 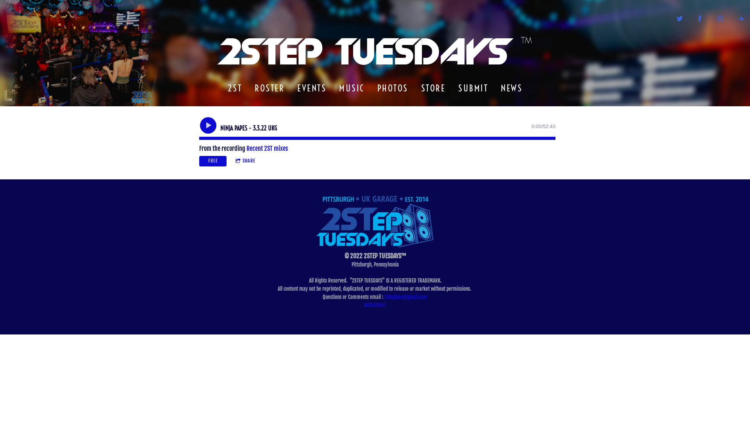 I want to click on 'FREE', so click(x=213, y=161).